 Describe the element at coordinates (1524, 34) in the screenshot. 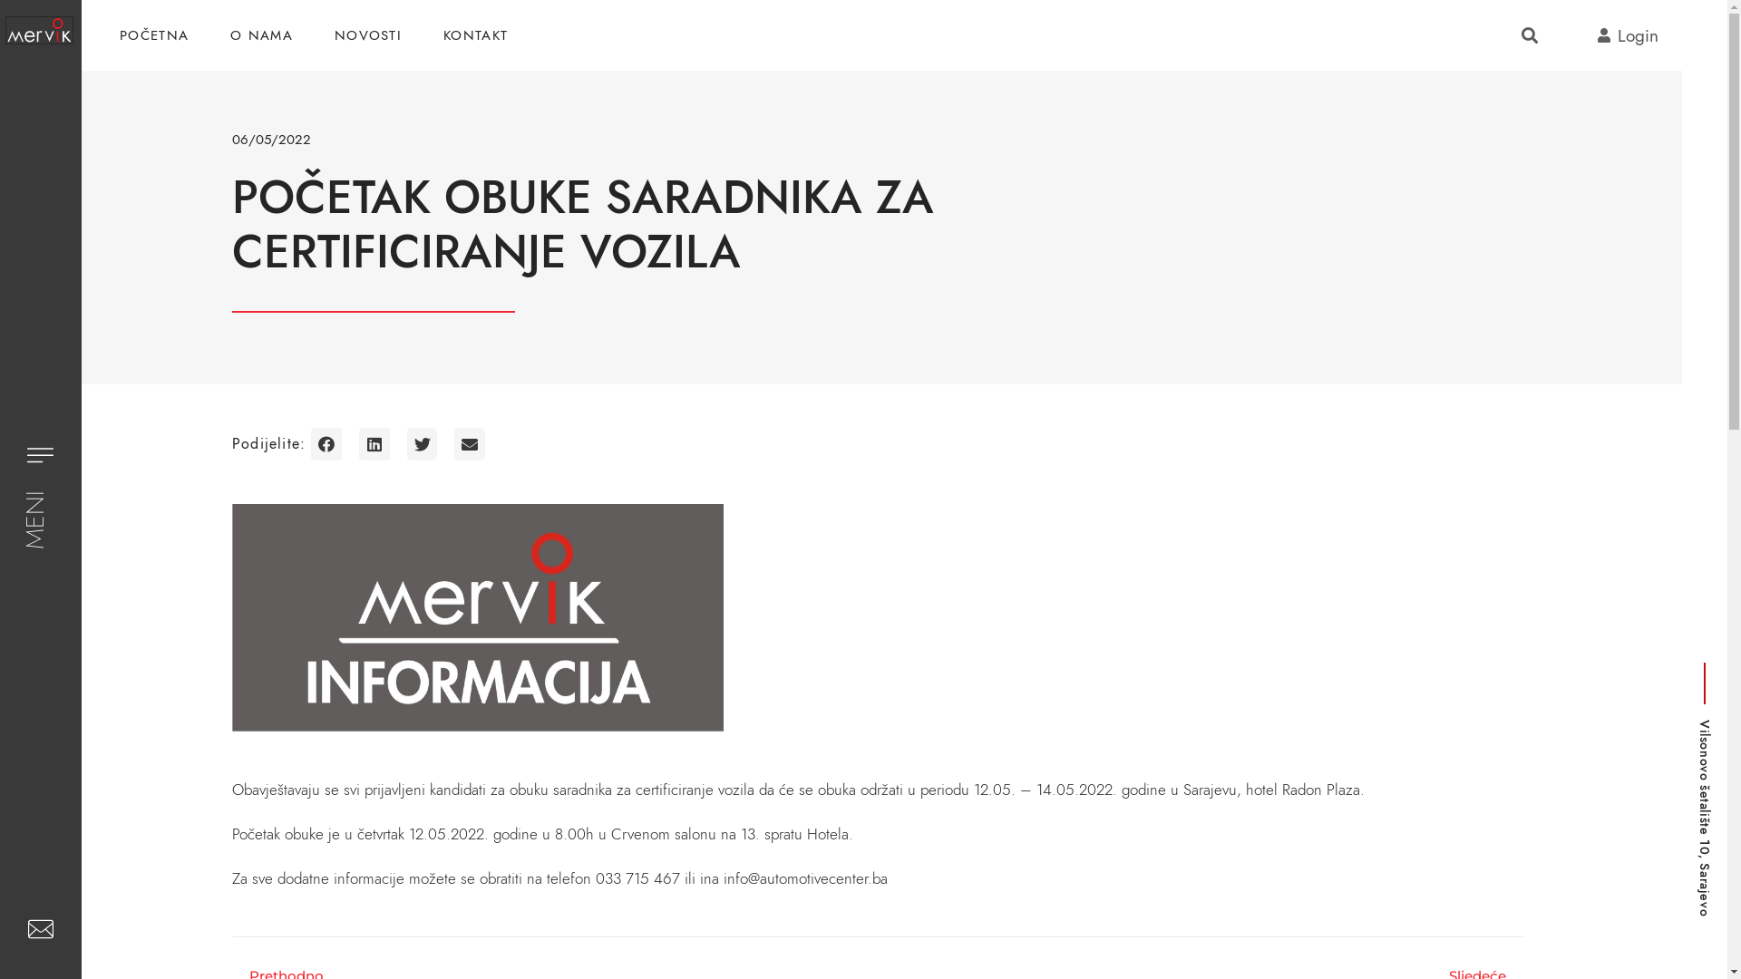

I see `'Search'` at that location.